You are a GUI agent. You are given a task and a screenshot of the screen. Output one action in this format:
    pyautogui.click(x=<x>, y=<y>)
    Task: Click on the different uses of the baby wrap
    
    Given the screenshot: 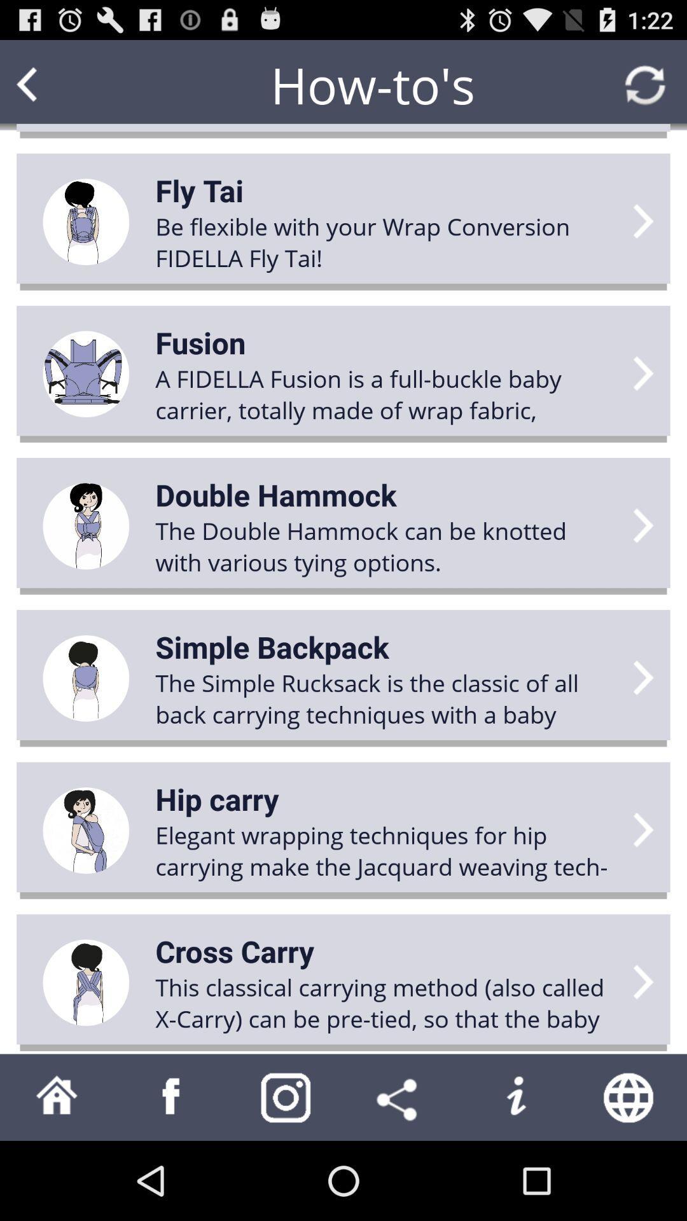 What is the action you would take?
    pyautogui.click(x=172, y=1096)
    